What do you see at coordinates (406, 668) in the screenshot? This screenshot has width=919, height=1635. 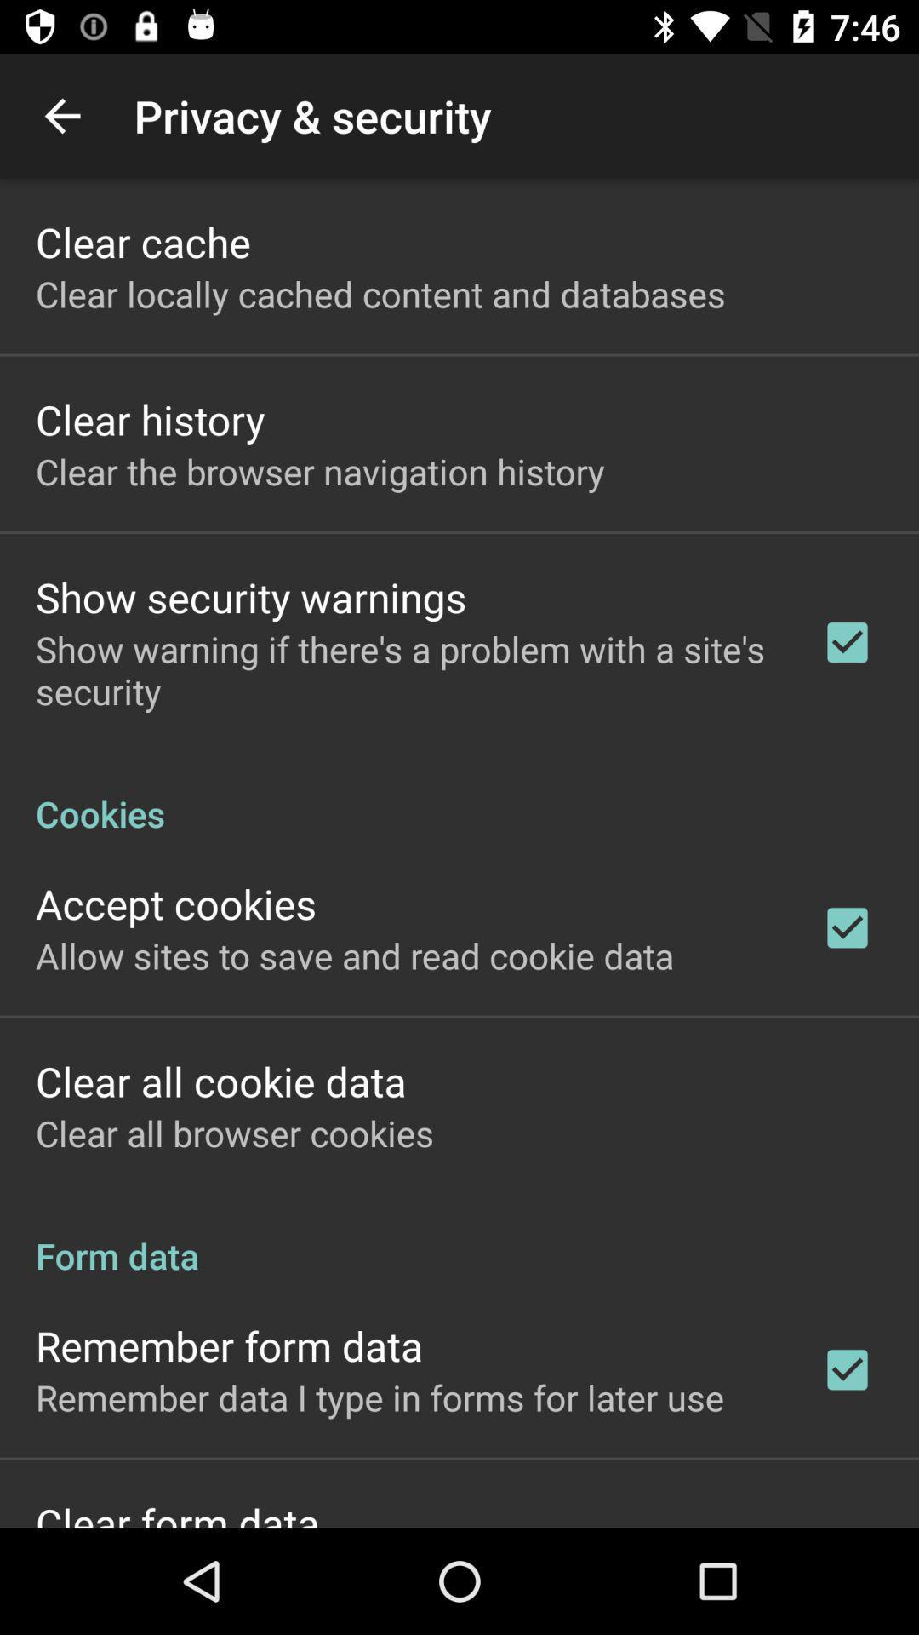 I see `the app above the cookies icon` at bounding box center [406, 668].